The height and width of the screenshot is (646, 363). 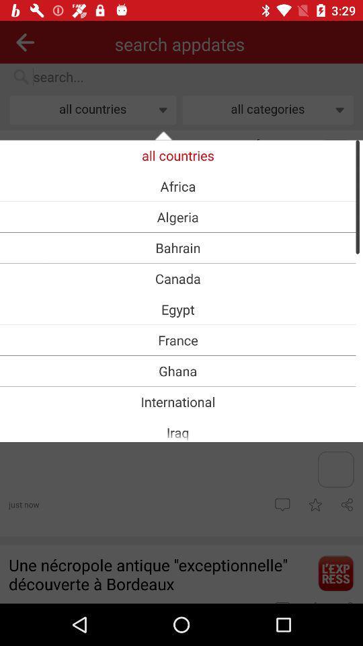 I want to click on item above the iraq icon, so click(x=177, y=402).